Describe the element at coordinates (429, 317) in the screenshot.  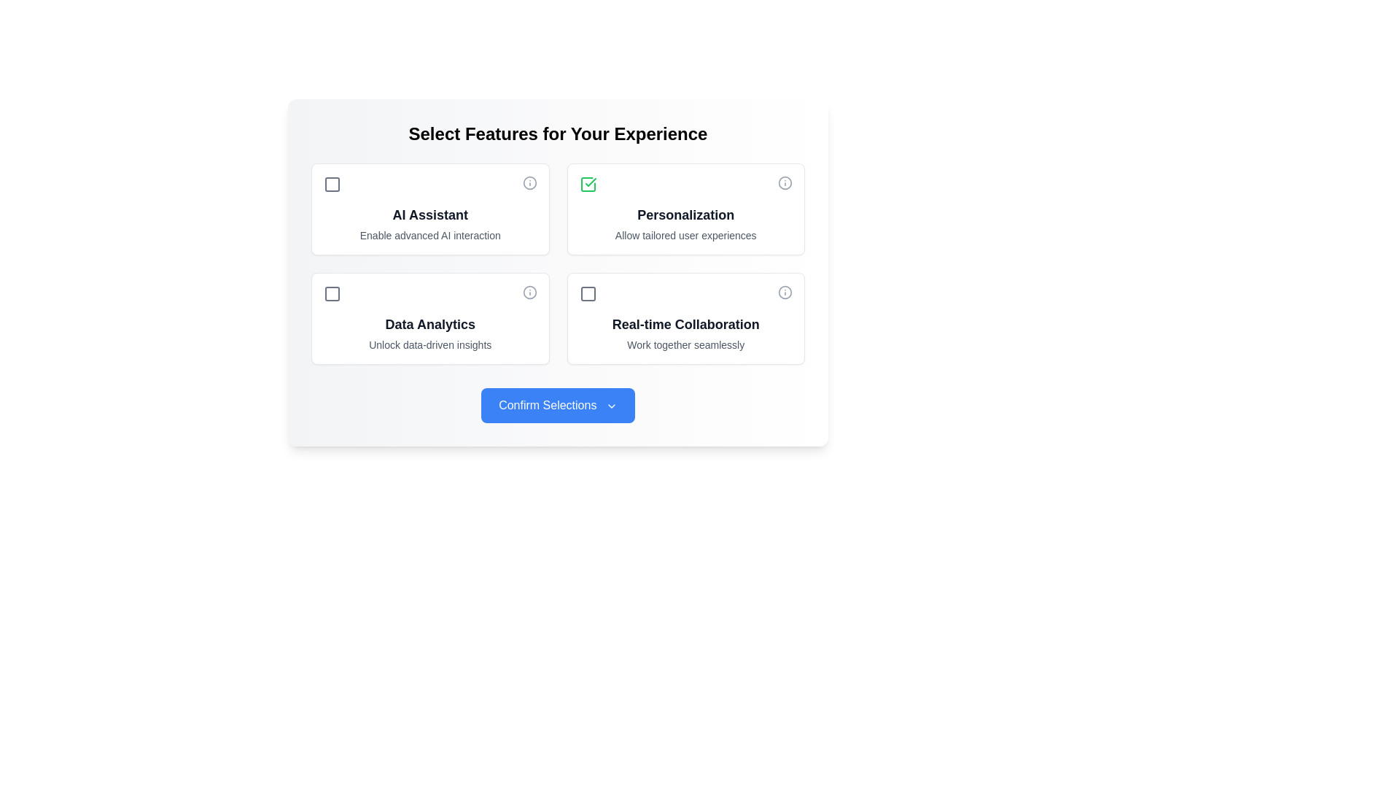
I see `the checkbox on the card located in the bottom-left portion of the 2x2 grid layout, which is the third card, directly below the 'AI Assistant' card and to the left of the 'Real-time Collaboration' card, to indicate interest in data analytics` at that location.